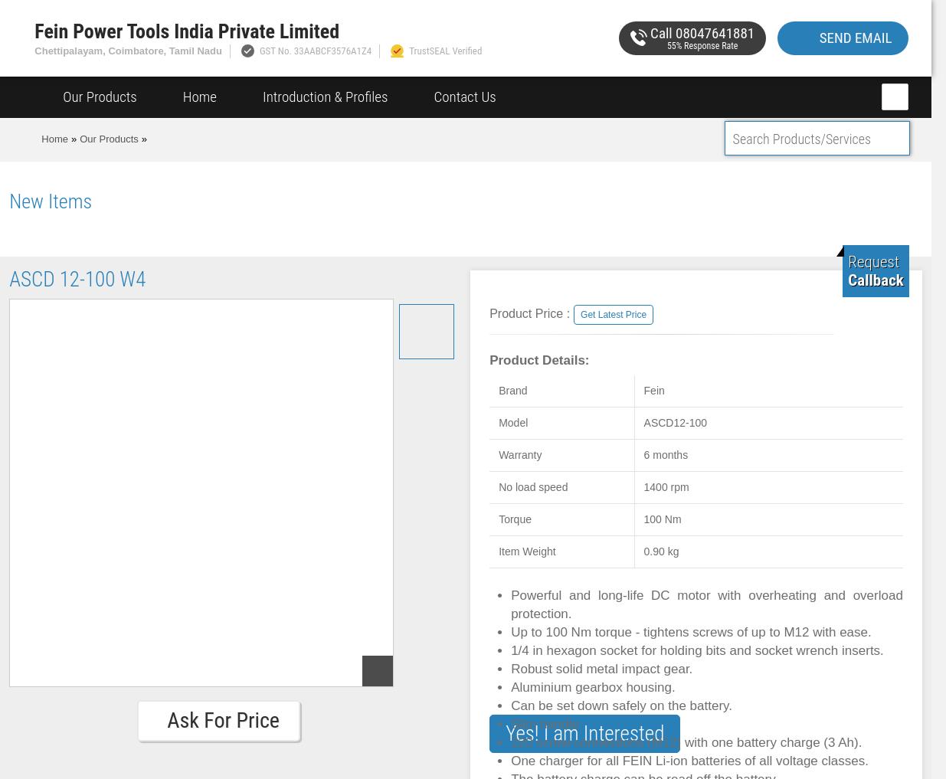  I want to click on 'Slim handle.', so click(546, 723).